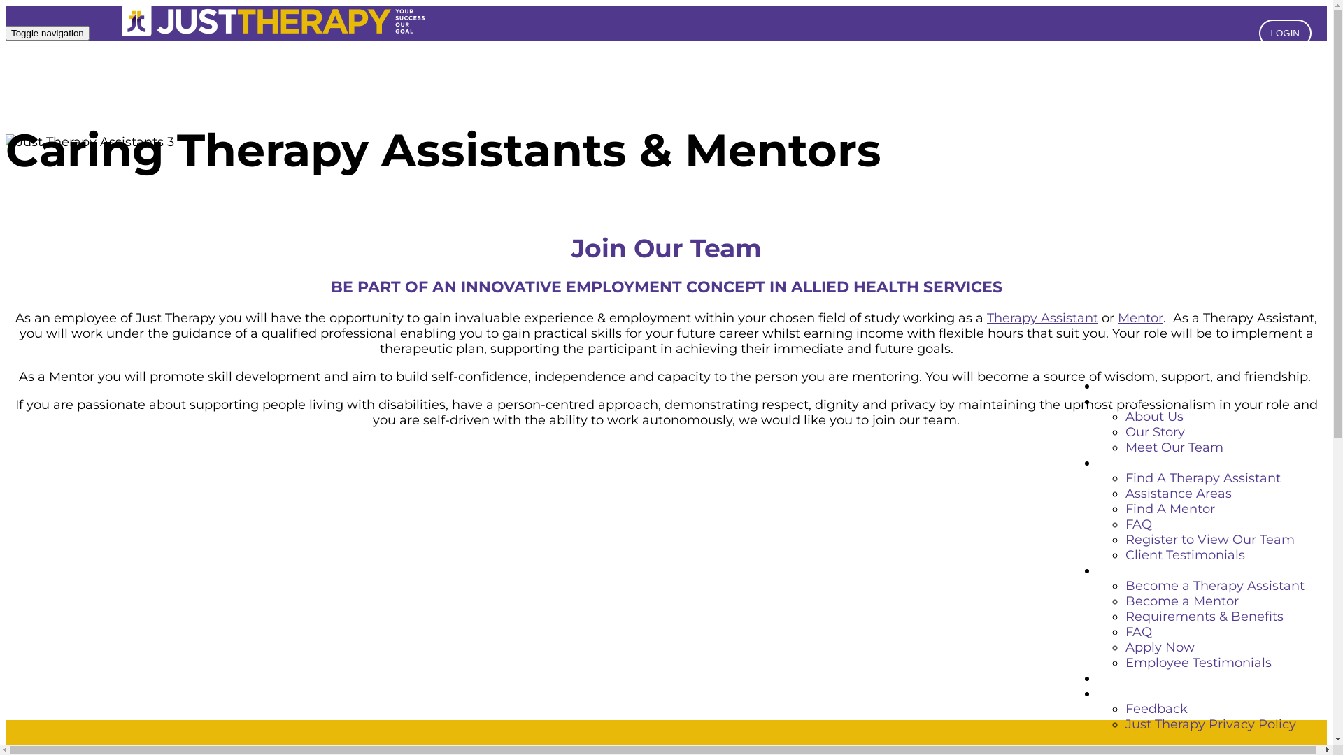  Describe the element at coordinates (1156, 709) in the screenshot. I see `'Feedback'` at that location.